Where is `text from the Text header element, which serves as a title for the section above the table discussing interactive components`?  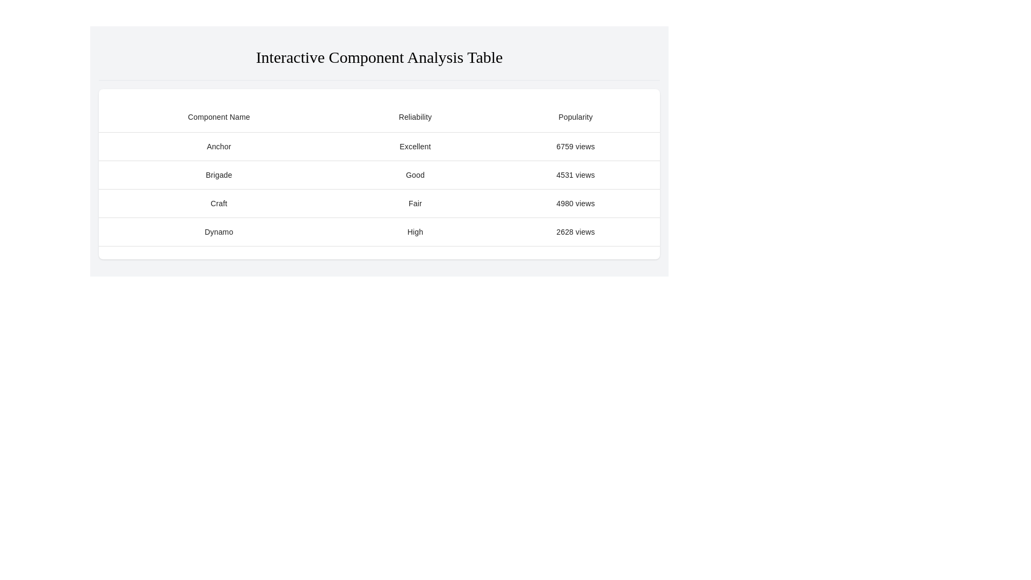 text from the Text header element, which serves as a title for the section above the table discussing interactive components is located at coordinates (379, 57).